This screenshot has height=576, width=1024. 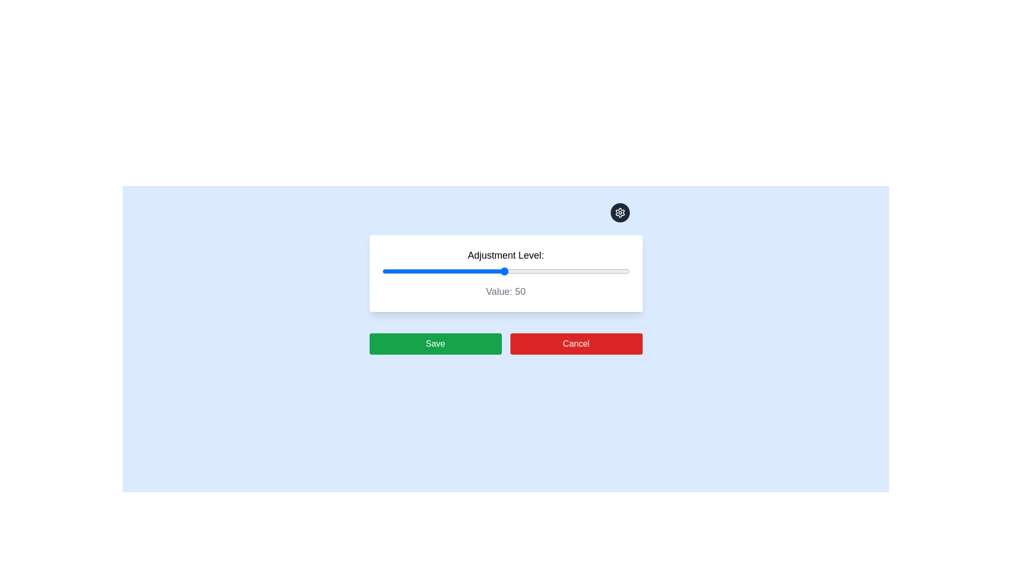 I want to click on to select a point on the Range slider located under the label 'Adjustment Level:' and above 'Value: 50', so click(x=505, y=271).